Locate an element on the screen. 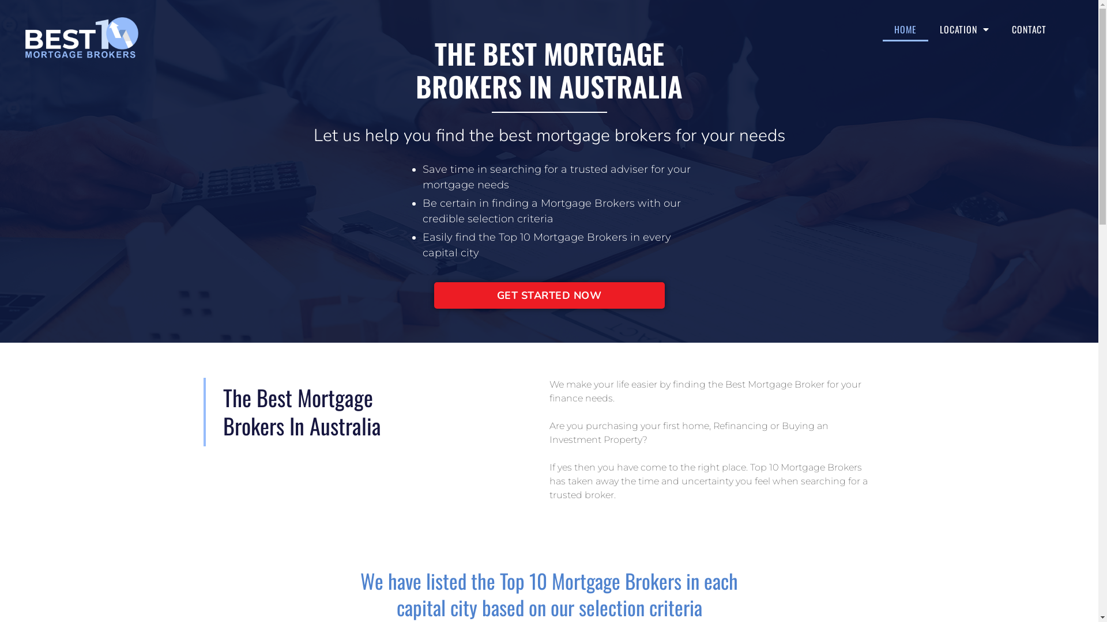  'LOCATION' is located at coordinates (964, 28).